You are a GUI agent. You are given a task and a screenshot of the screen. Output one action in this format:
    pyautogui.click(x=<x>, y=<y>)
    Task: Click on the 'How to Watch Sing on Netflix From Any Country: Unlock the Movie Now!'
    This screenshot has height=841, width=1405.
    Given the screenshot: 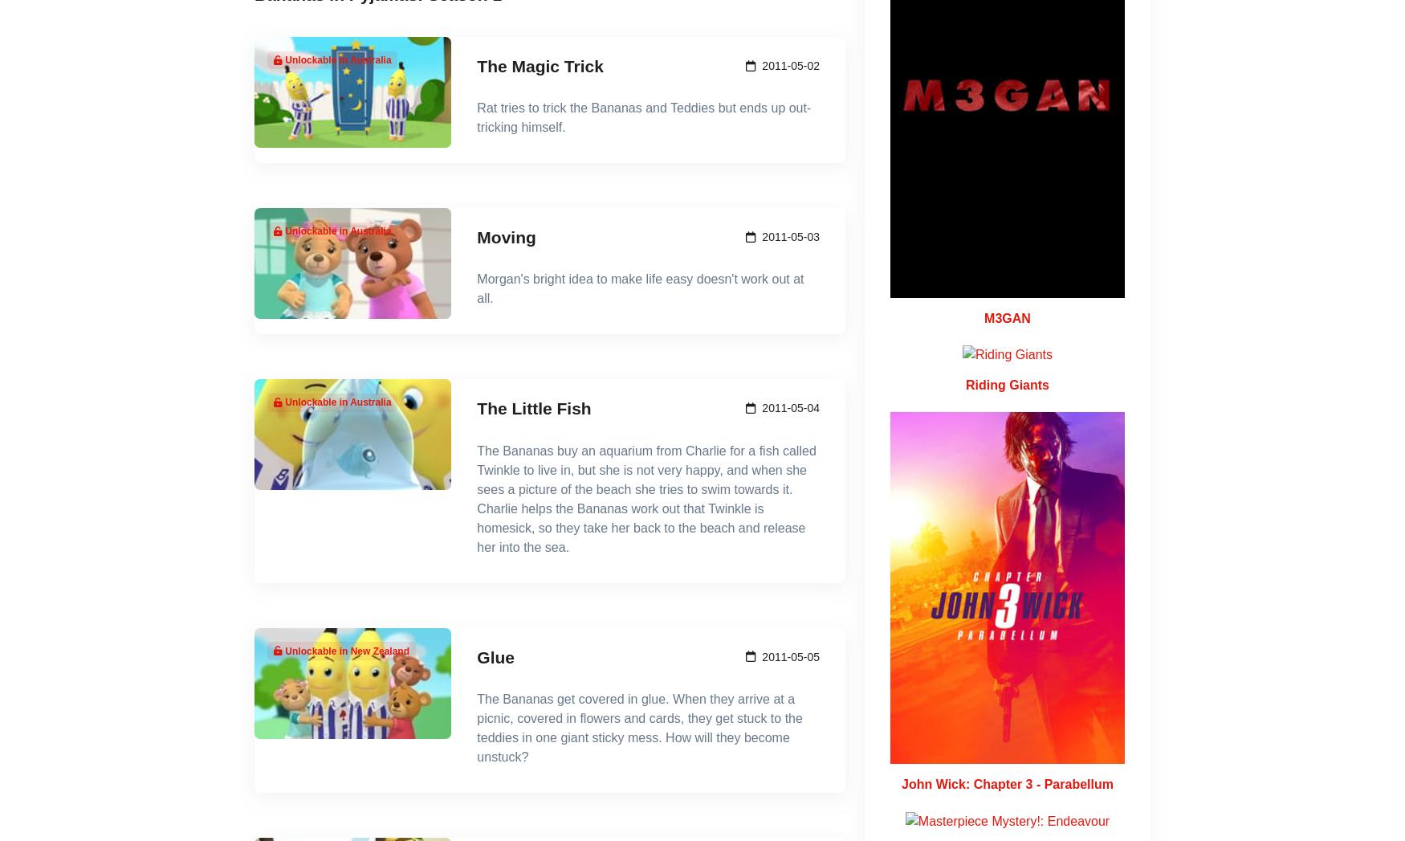 What is the action you would take?
    pyautogui.click(x=394, y=72)
    